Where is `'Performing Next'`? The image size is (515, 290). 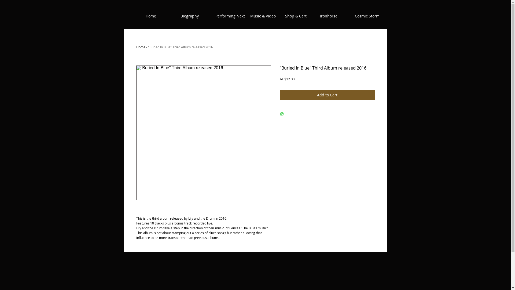
'Performing Next' is located at coordinates (230, 16).